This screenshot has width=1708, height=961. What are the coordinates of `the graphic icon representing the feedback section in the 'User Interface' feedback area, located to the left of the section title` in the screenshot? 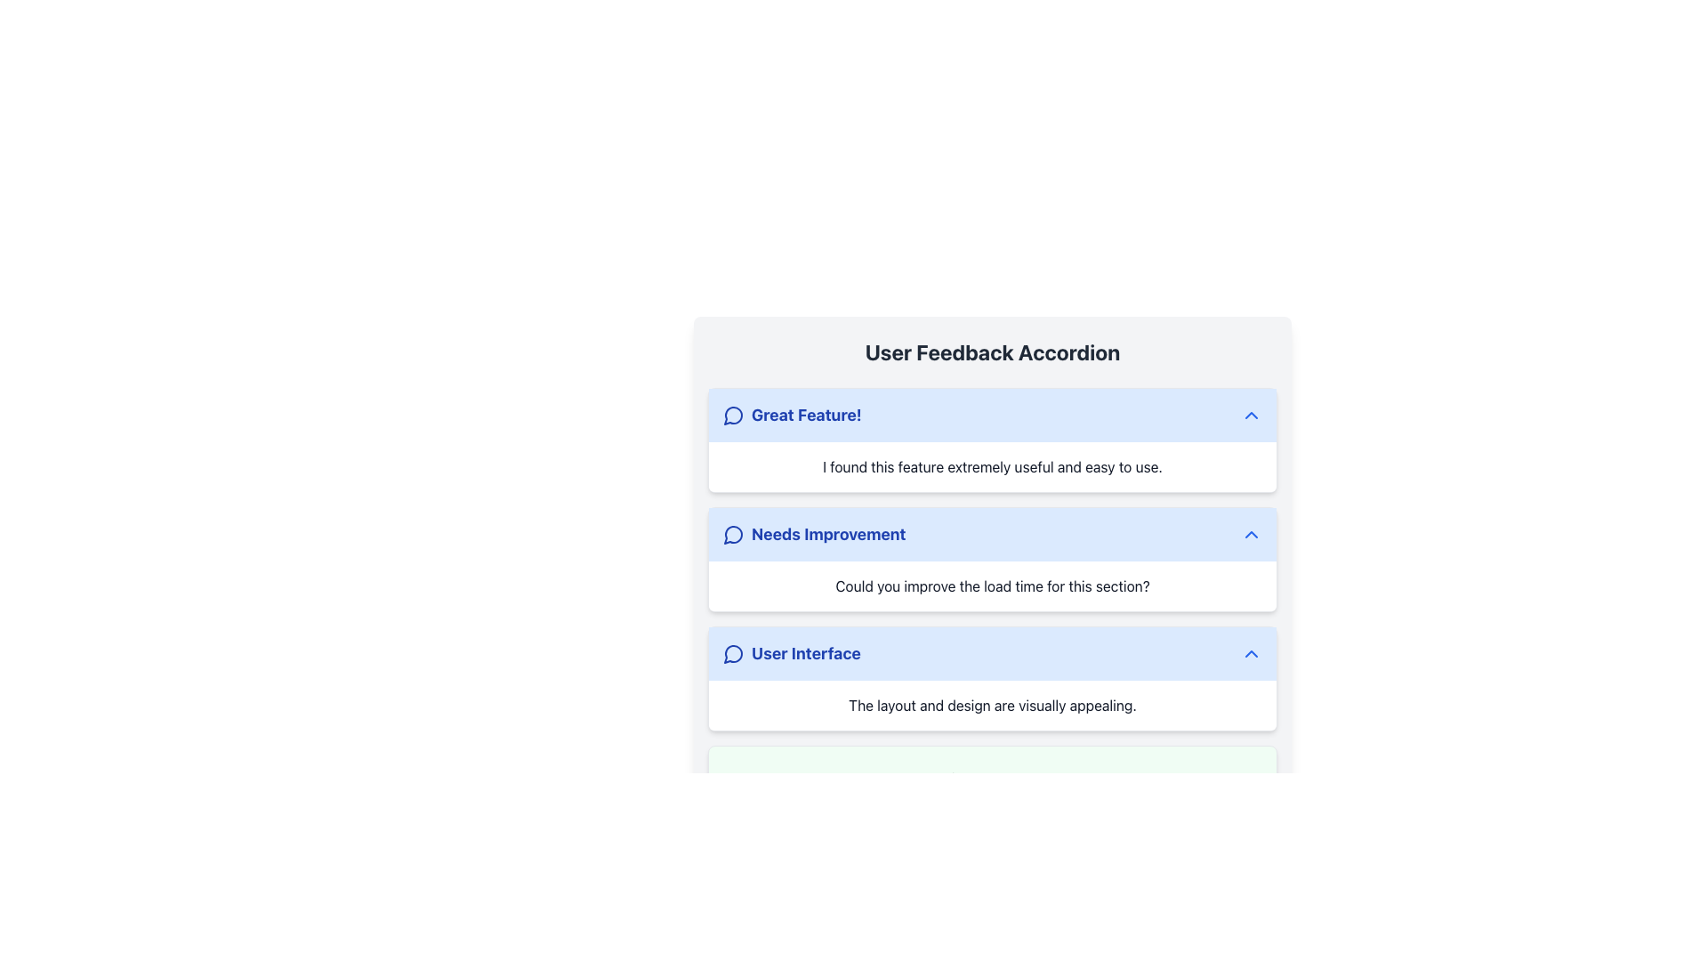 It's located at (733, 654).